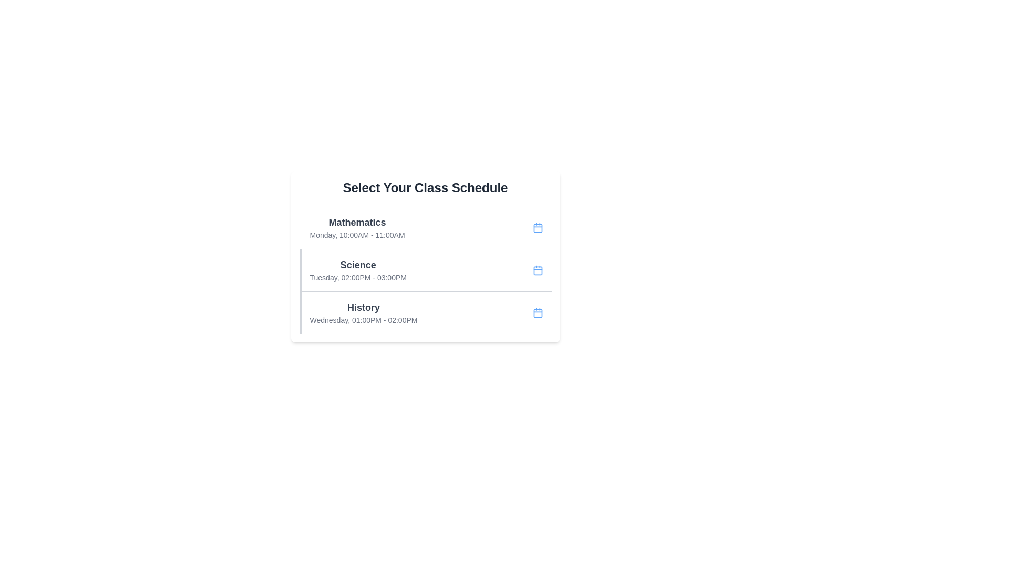 The width and height of the screenshot is (1009, 567). What do you see at coordinates (538, 312) in the screenshot?
I see `the calendar icon representing the 'History' schedule, located at the far-right end of the schedule row adjacent to the text 'Wednesday, 01:00PM - 02:00PM'` at bounding box center [538, 312].